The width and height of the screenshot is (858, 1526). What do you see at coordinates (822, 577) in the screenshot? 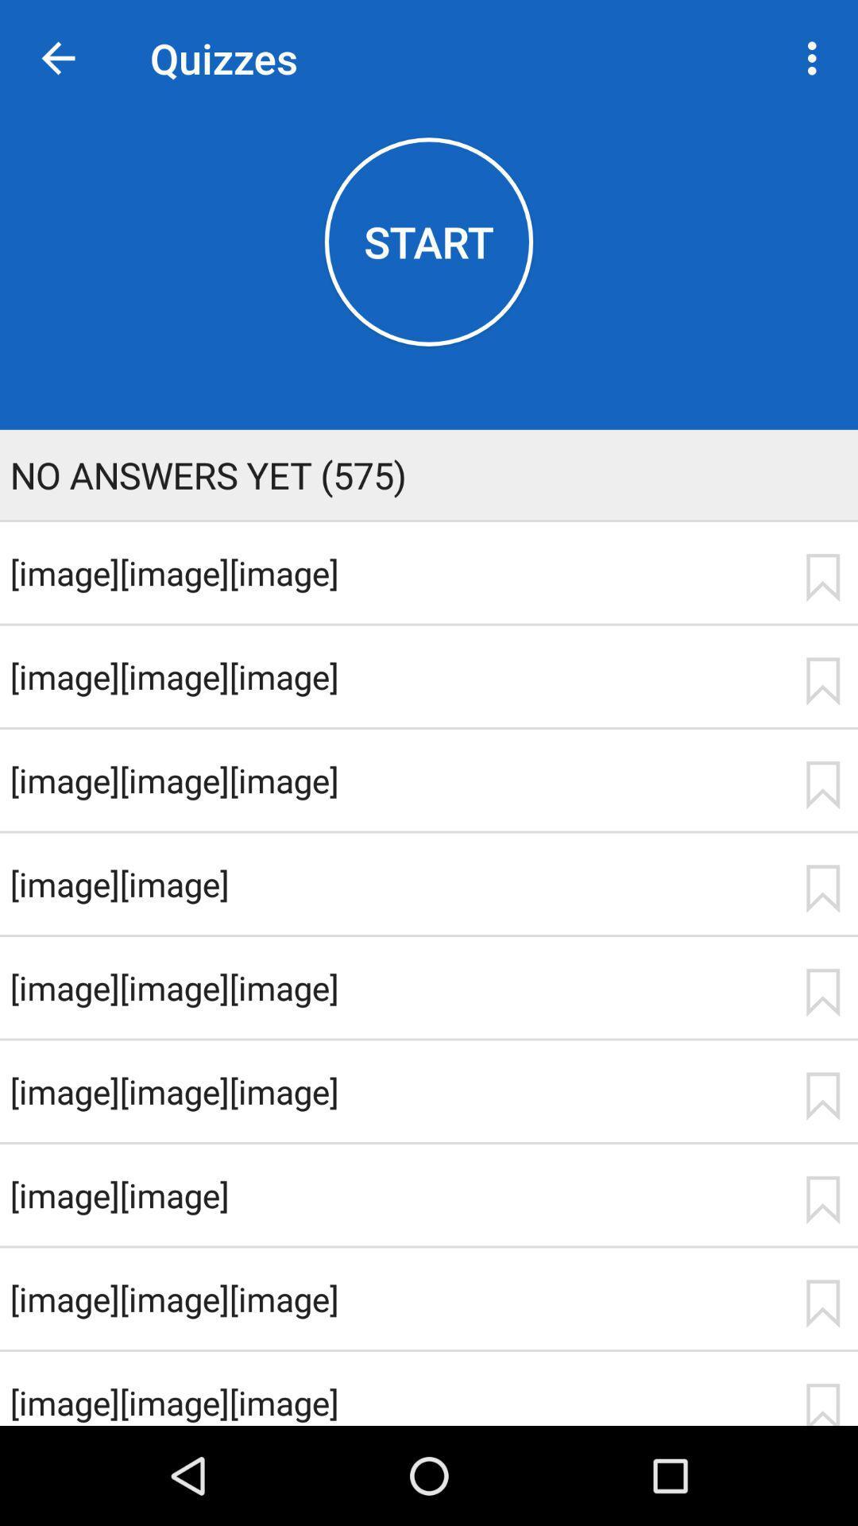
I see `favorite` at bounding box center [822, 577].